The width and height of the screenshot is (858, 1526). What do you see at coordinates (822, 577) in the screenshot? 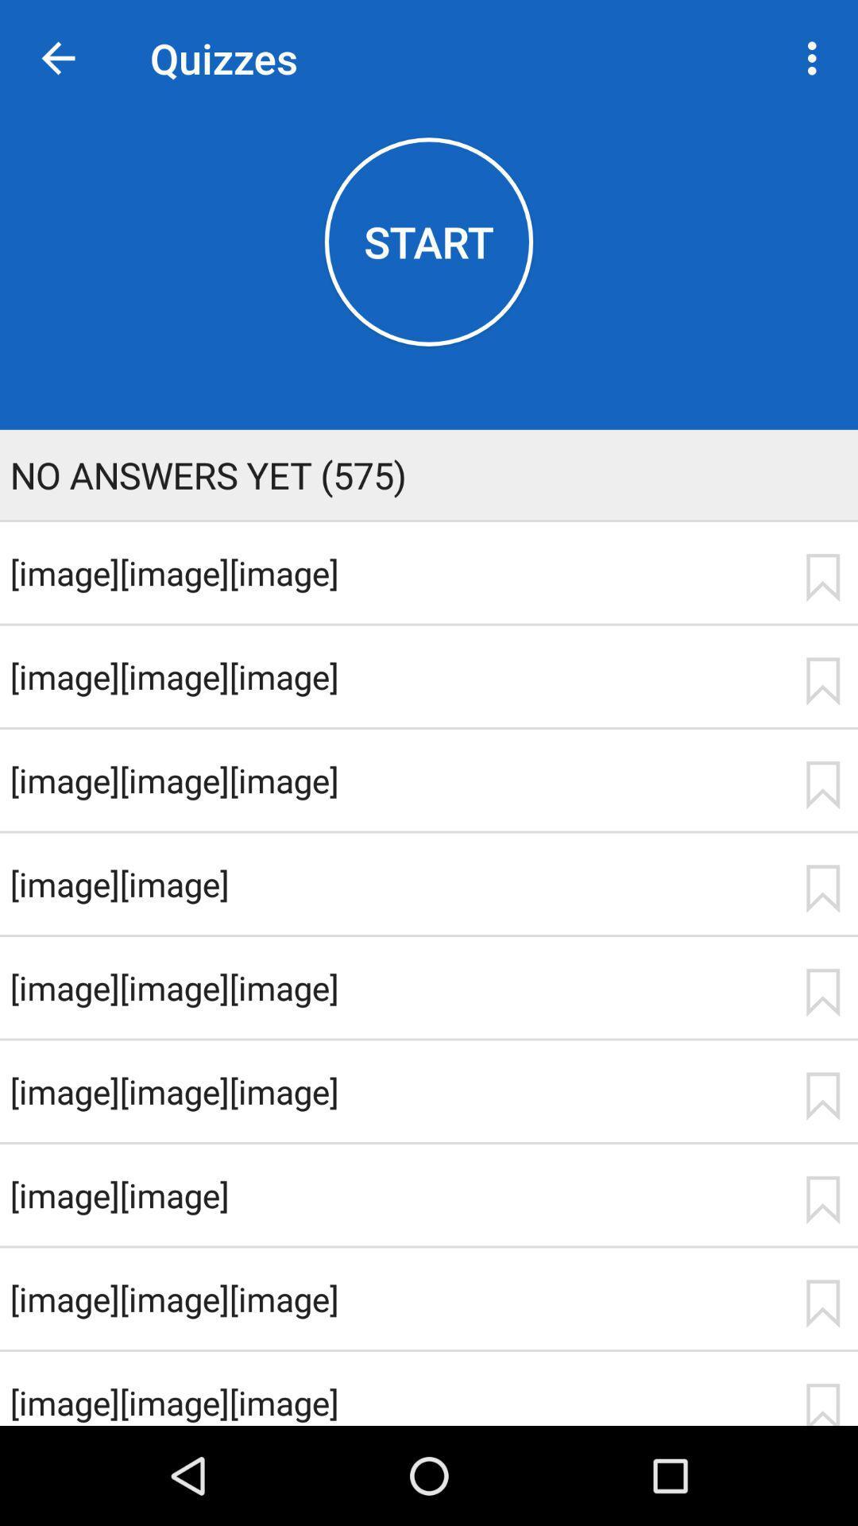
I see `favorite` at bounding box center [822, 577].